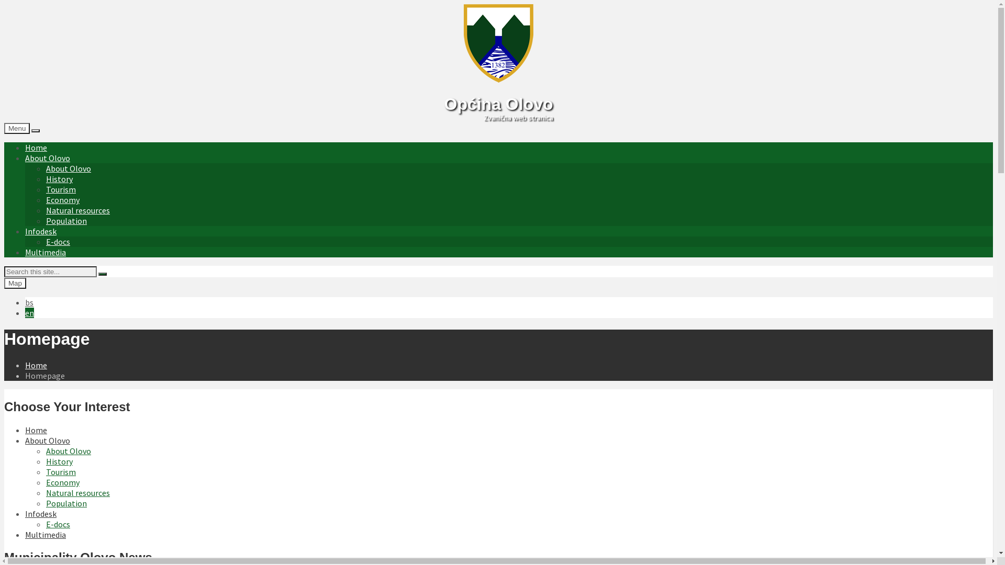 The width and height of the screenshot is (1005, 565). I want to click on 'Municipality Olovo News', so click(77, 557).